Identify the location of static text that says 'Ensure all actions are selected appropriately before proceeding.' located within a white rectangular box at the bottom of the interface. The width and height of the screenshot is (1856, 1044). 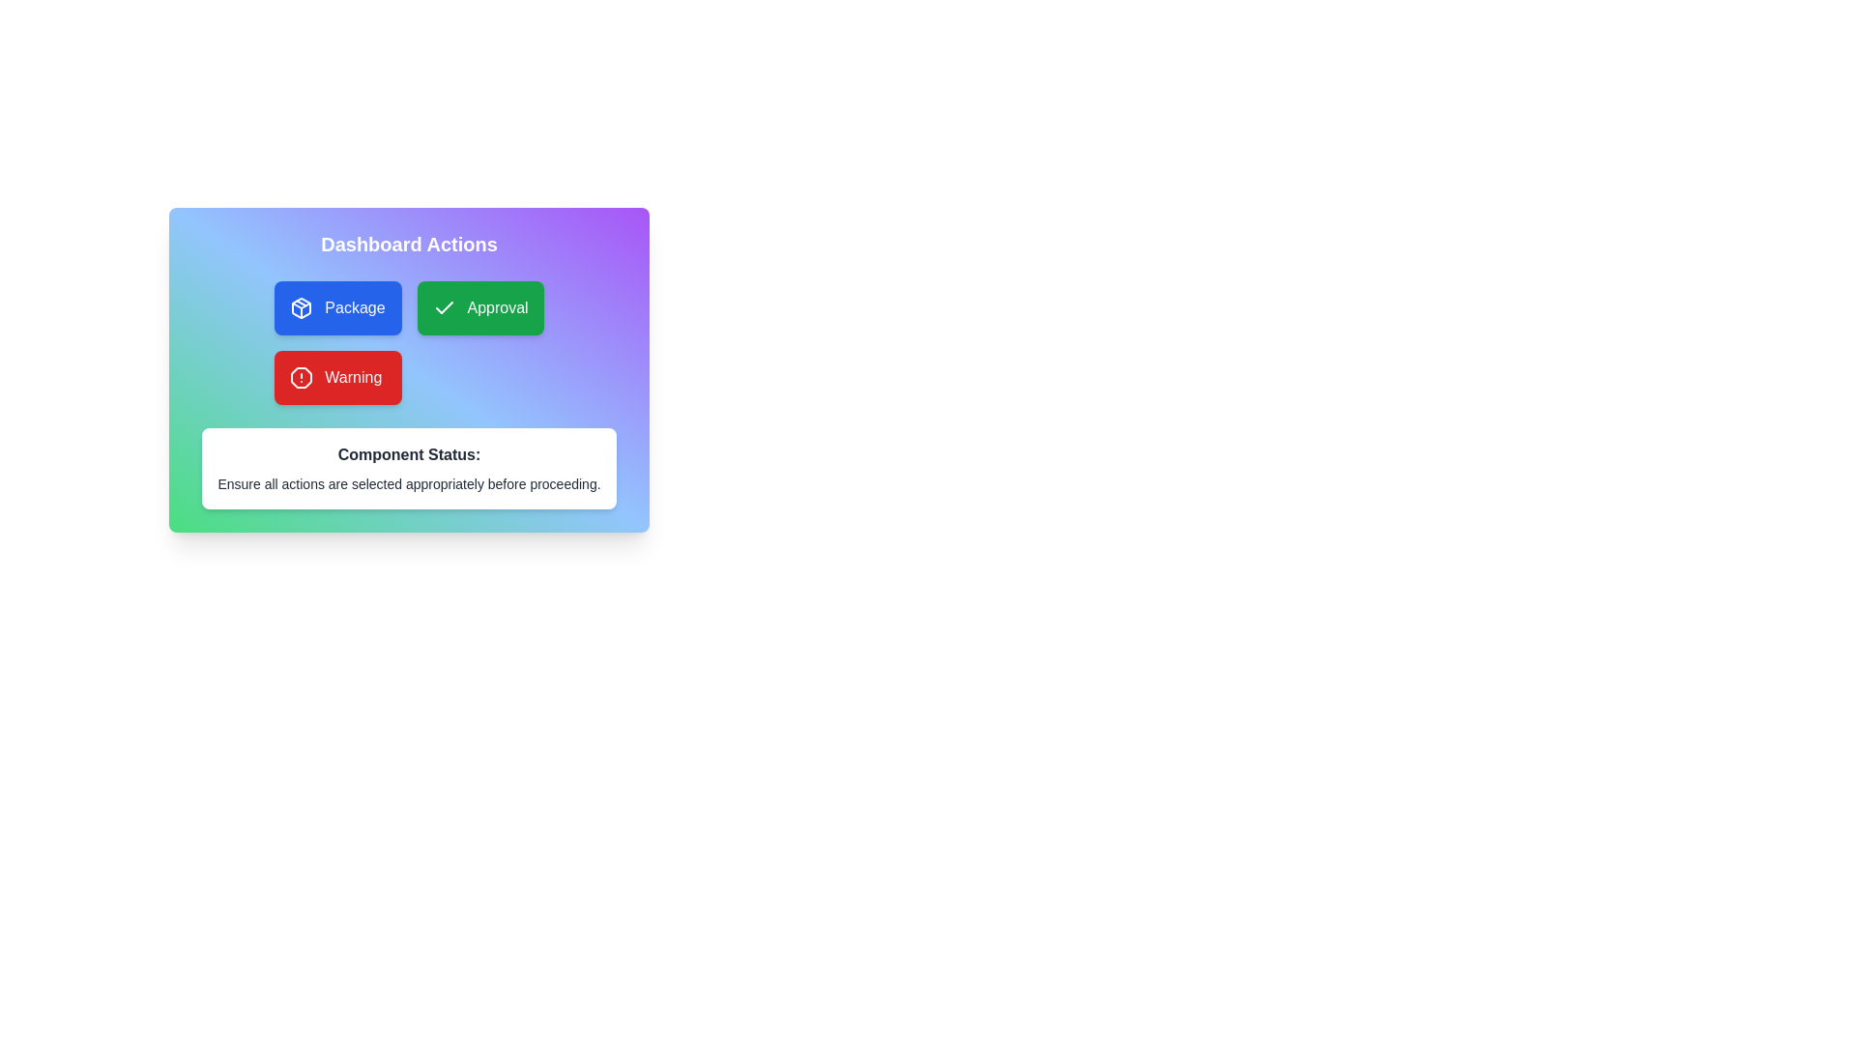
(408, 483).